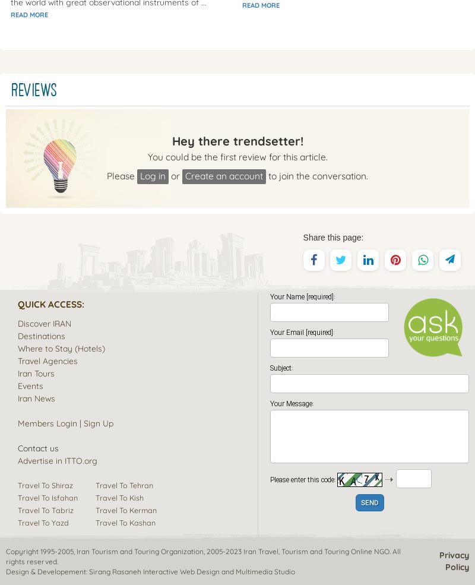 This screenshot has height=585, width=475. I want to click on 'Please enter this code:', so click(303, 479).